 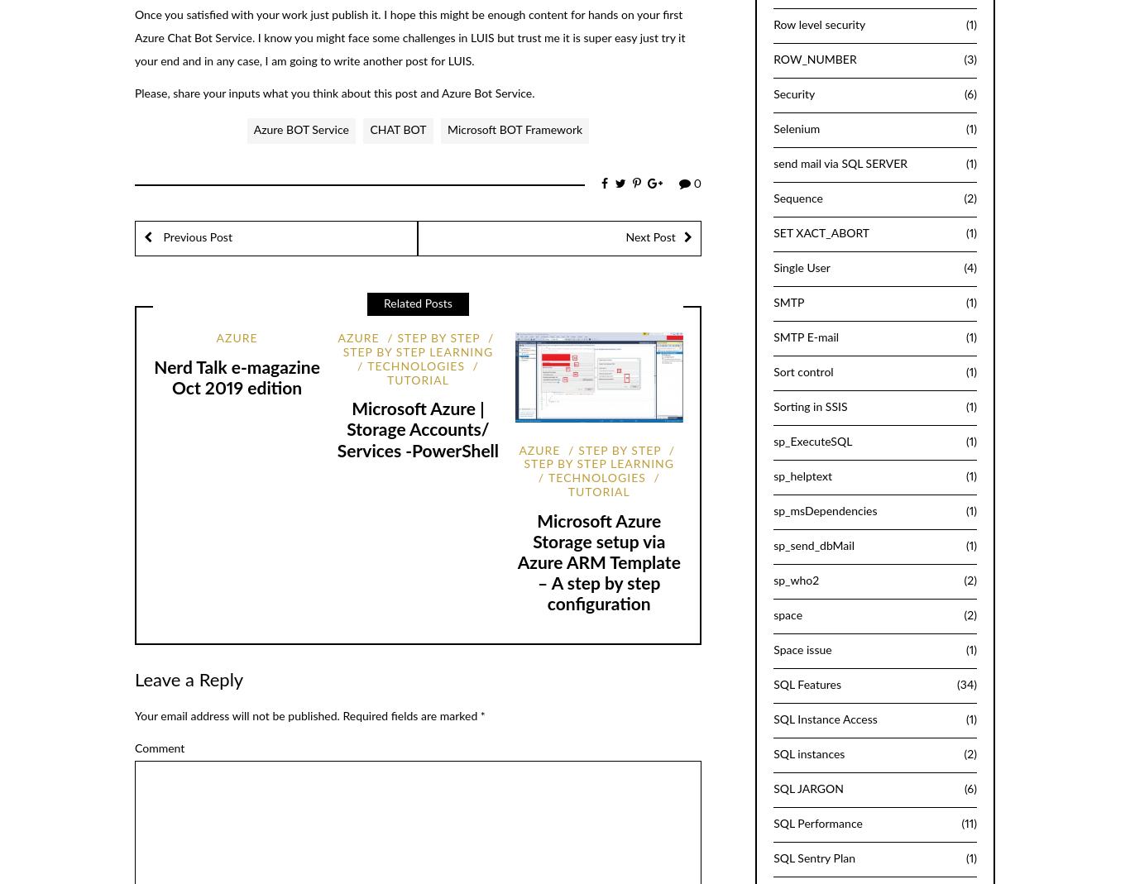 I want to click on 'SMTP', so click(x=788, y=303).